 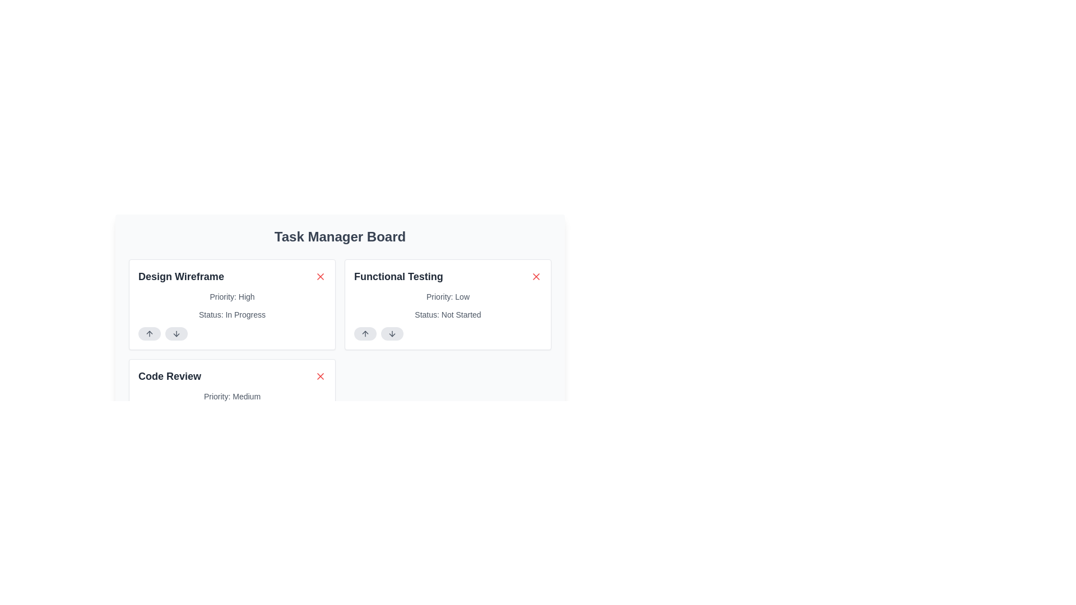 I want to click on the text label that indicates the priority level of the task within the 'Design Wireframe' card, so click(x=231, y=296).